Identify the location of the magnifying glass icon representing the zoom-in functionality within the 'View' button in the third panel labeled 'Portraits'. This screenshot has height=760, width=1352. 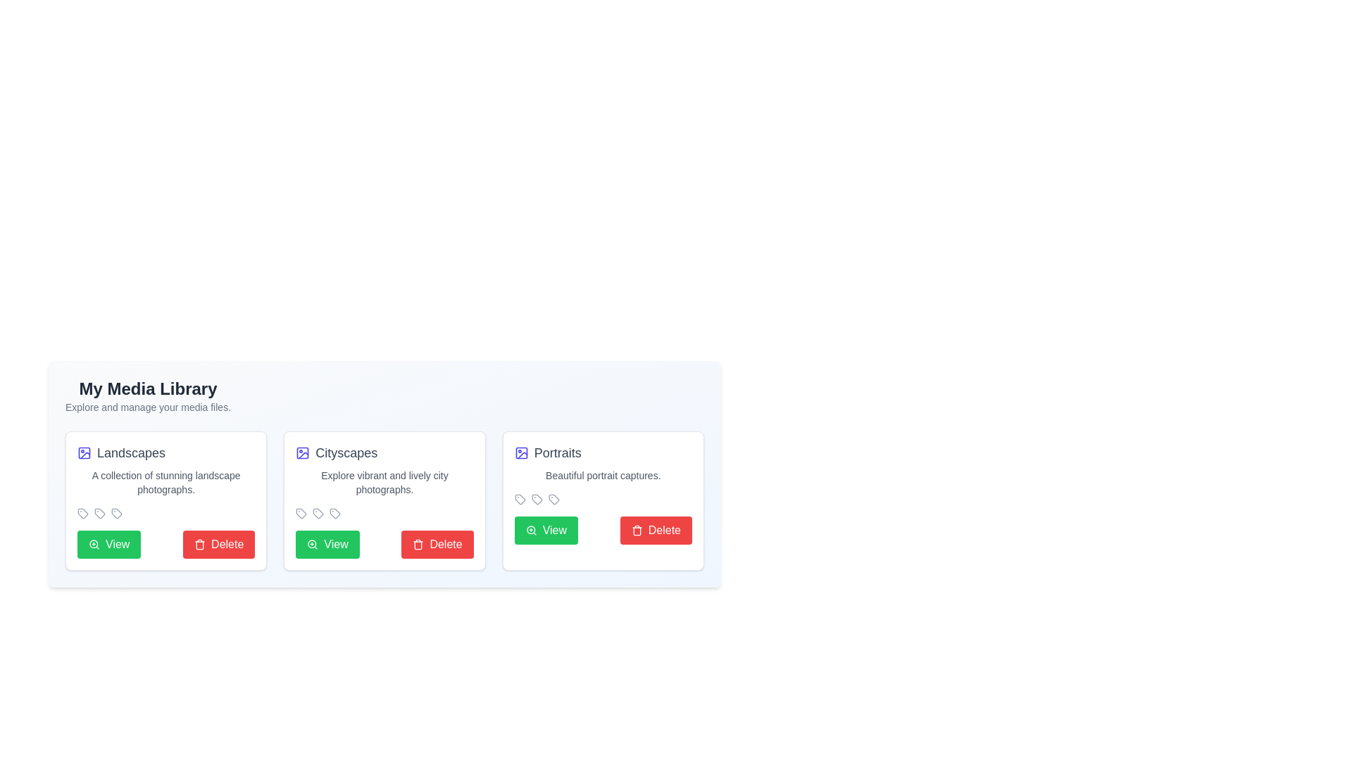
(530, 530).